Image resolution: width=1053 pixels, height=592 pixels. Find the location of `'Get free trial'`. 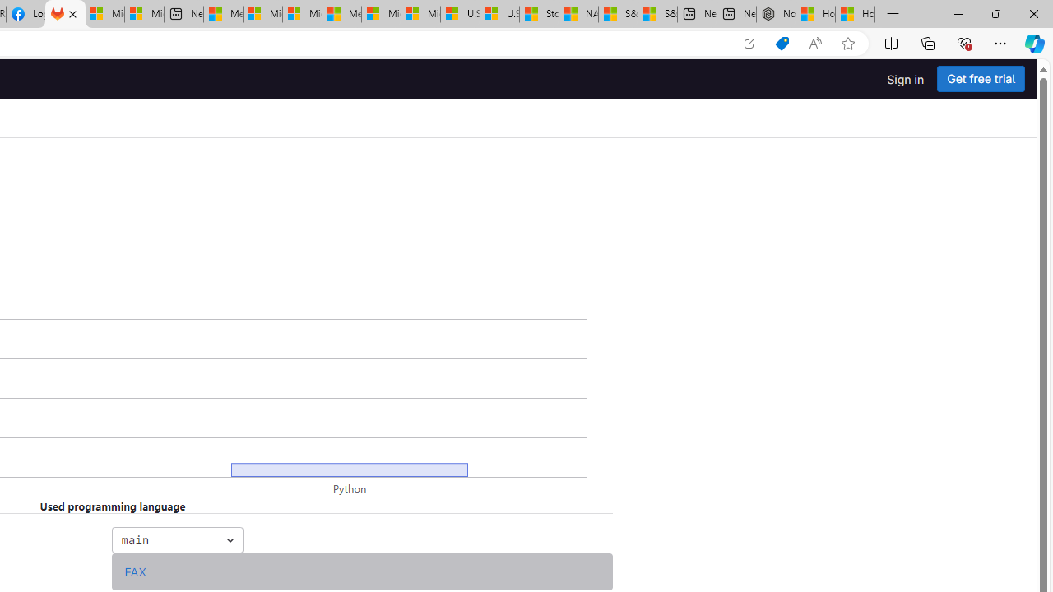

'Get free trial' is located at coordinates (981, 79).